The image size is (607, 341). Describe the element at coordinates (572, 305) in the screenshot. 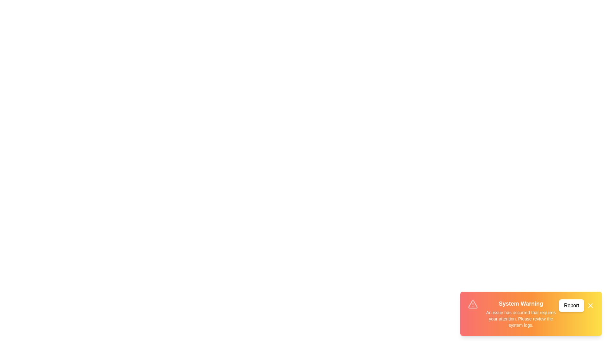

I see `the 'Report' button to submit a report` at that location.